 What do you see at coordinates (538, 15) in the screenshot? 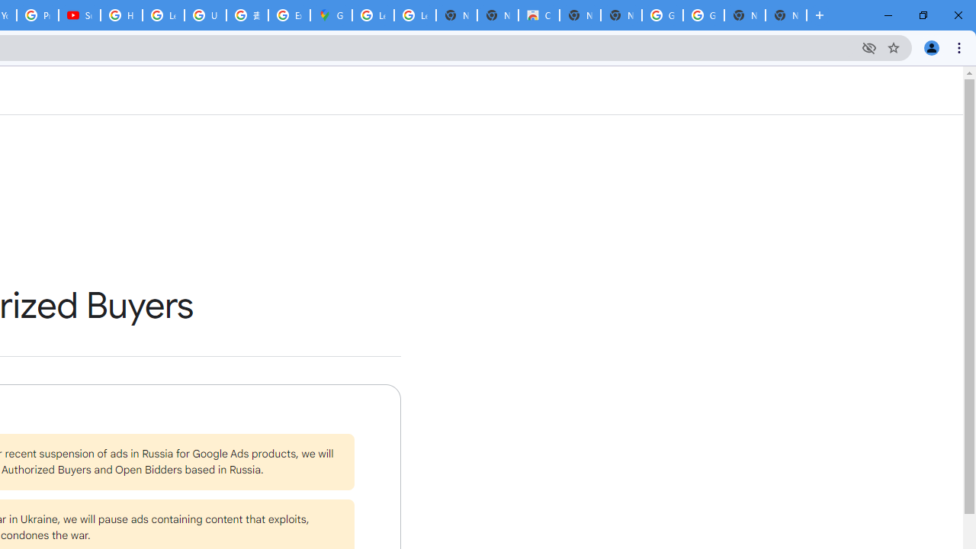
I see `'Chrome Web Store'` at bounding box center [538, 15].